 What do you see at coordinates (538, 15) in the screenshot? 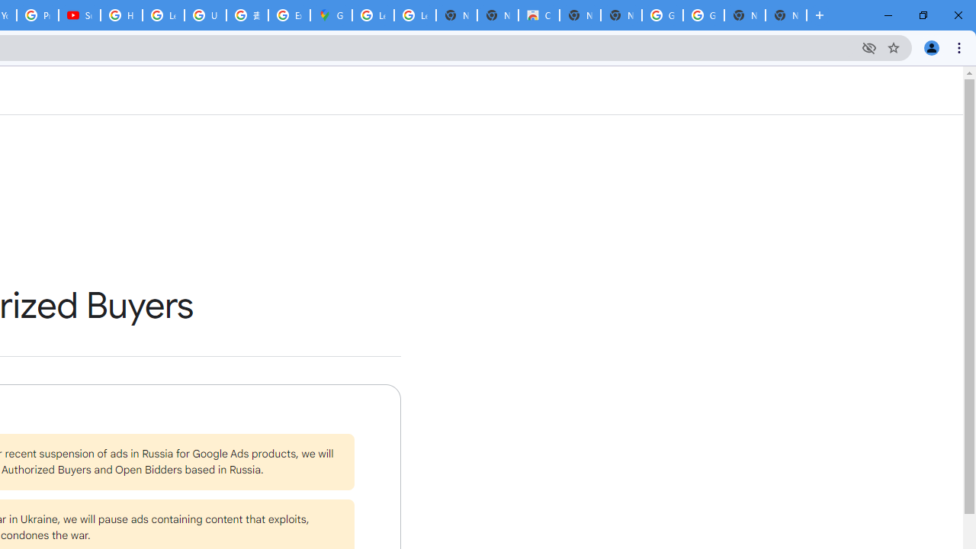
I see `'Chrome Web Store'` at bounding box center [538, 15].